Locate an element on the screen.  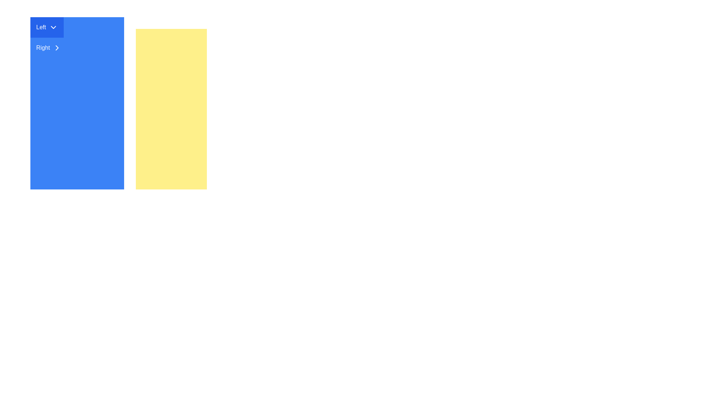
the first option button in the vertical list, labeled 'Left' is located at coordinates (47, 27).